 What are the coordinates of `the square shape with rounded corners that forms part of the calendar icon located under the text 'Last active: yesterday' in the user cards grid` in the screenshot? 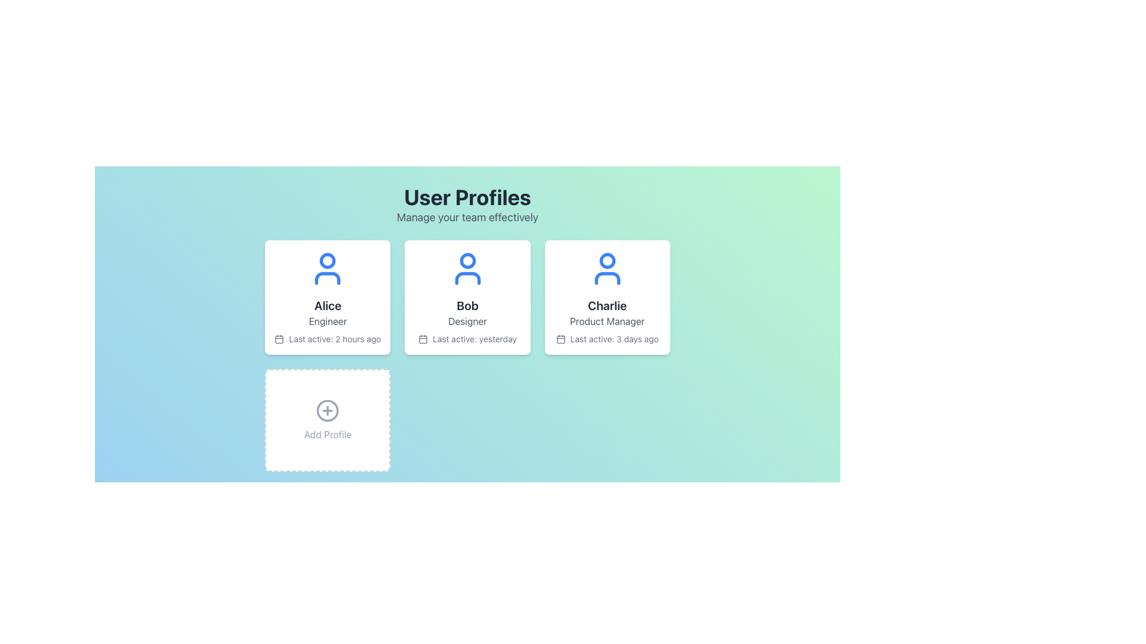 It's located at (423, 339).